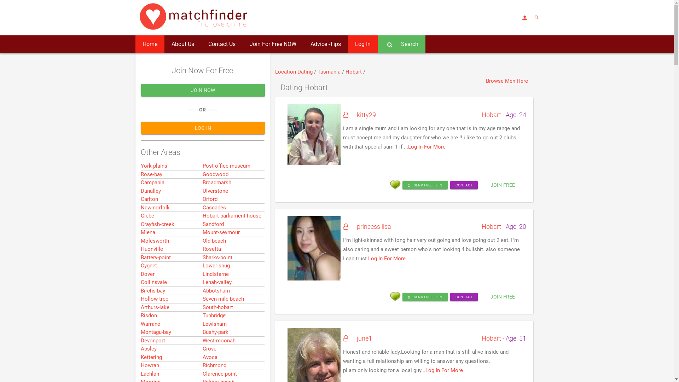 The image size is (679, 382). What do you see at coordinates (141, 332) in the screenshot?
I see `'Montagu-bay'` at bounding box center [141, 332].